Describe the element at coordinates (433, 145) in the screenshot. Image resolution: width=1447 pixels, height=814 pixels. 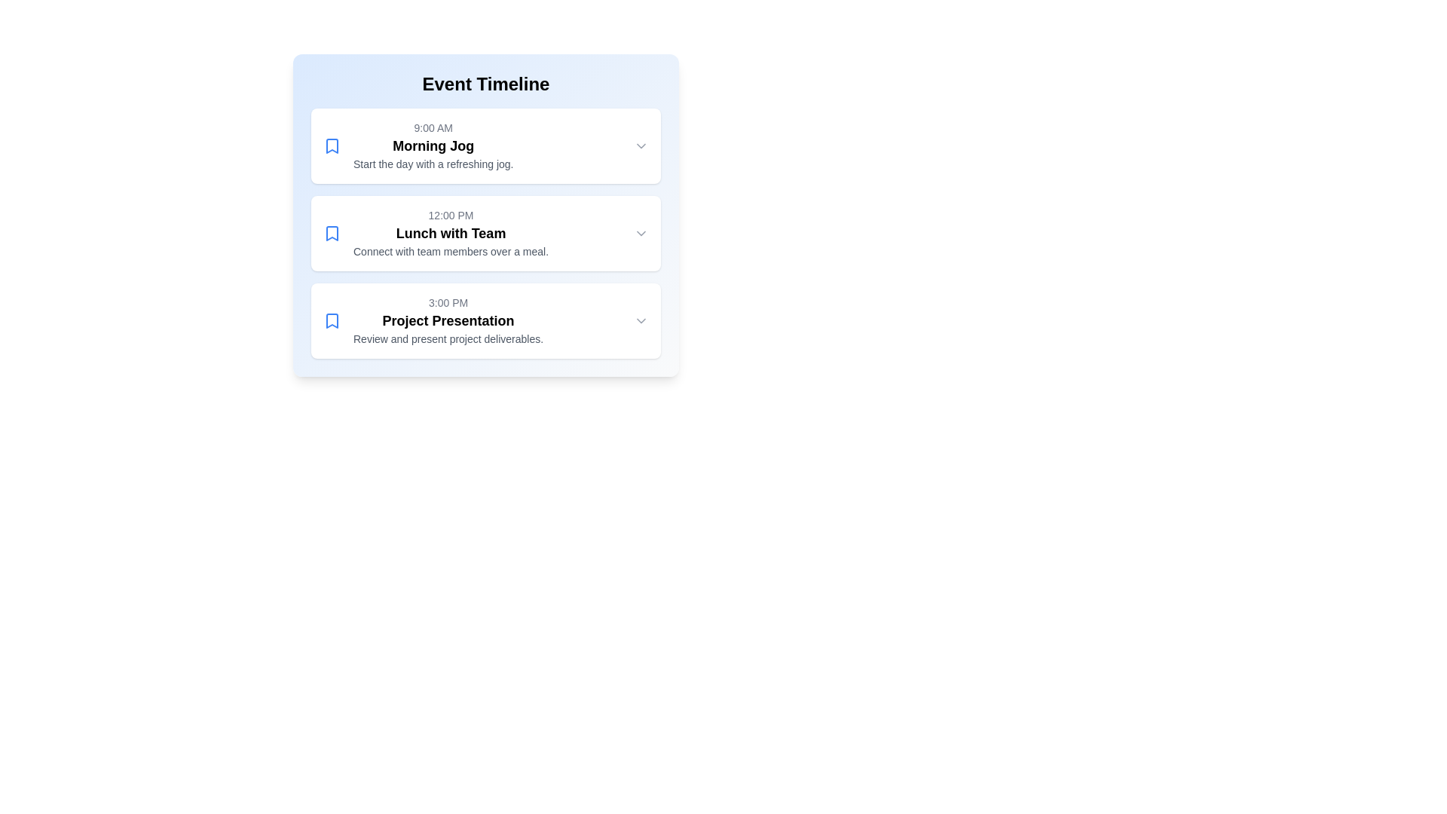
I see `the text block within the uppermost event card, which provides detailed information about the event including its time, title, and description` at that location.